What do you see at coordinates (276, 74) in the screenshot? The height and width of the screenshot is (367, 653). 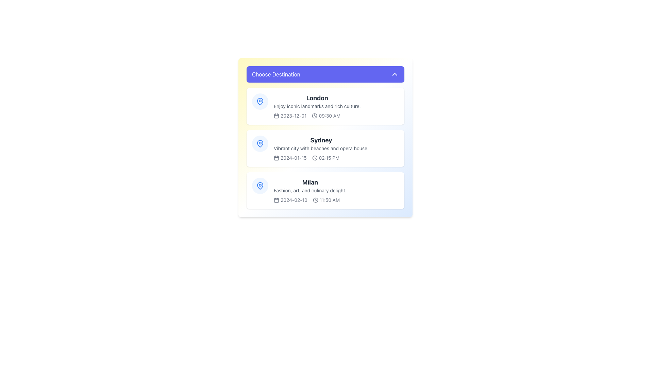 I see `the Static Text Label displaying 'Choose Destination' in white on a violet background, which is part of a card-like component and positioned above a list of destination items` at bounding box center [276, 74].